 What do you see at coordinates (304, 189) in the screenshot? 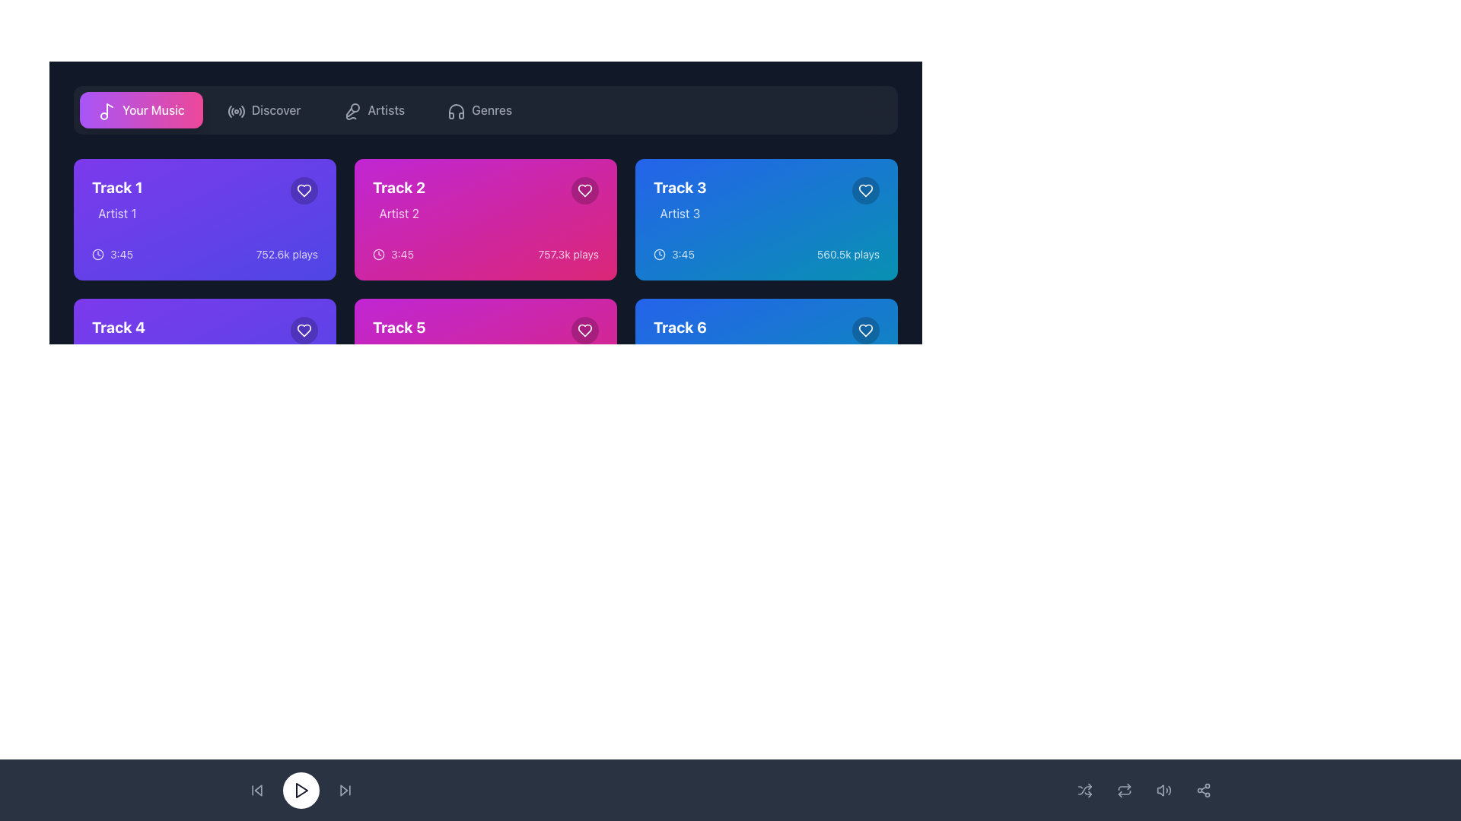
I see `the heart-shaped favorite button in the top-right area of the 'Track 1' card to favorite the track` at bounding box center [304, 189].